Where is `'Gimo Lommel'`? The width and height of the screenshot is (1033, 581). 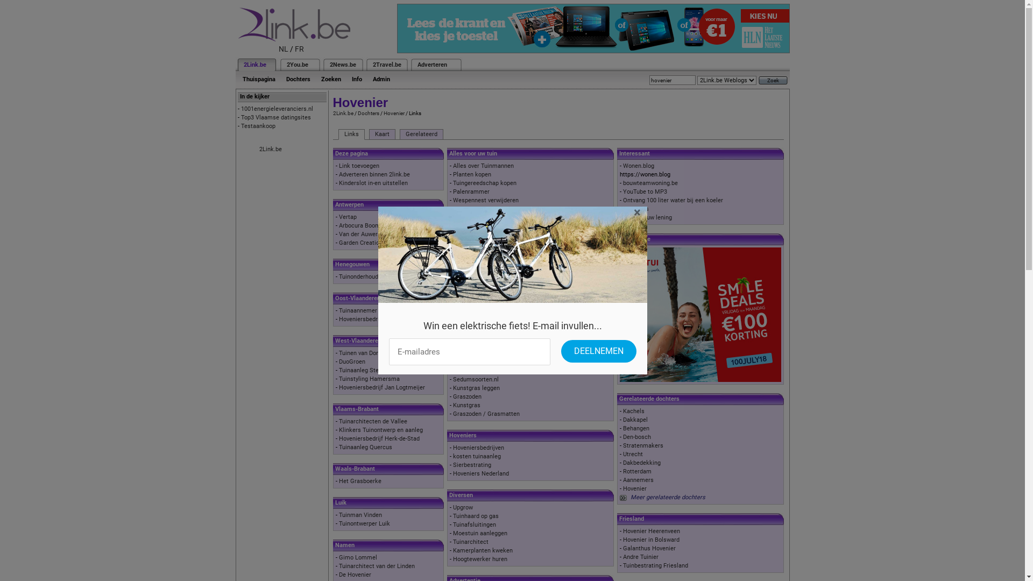
'Gimo Lommel' is located at coordinates (358, 557).